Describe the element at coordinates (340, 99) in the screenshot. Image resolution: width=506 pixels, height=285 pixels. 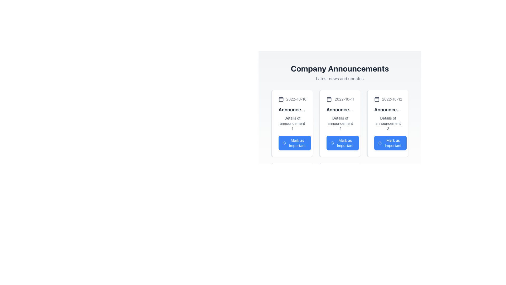
I see `the calendar icon next to the text '2022-10-11' in the top section of the card before 'Announcement 2'` at that location.